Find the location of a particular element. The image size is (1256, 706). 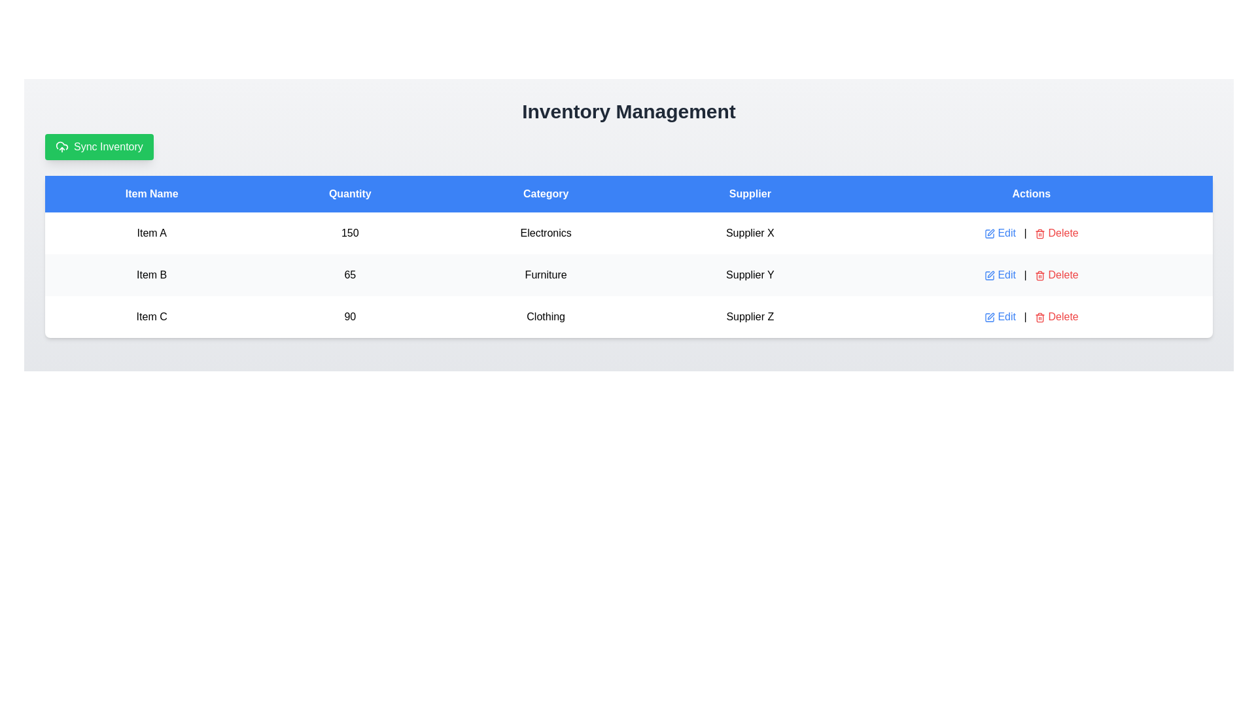

the 'Edit' button with a pencil icon in the 'Actions' column of the second row in the 'Inventory Management' table to initiate editing is located at coordinates (999, 274).